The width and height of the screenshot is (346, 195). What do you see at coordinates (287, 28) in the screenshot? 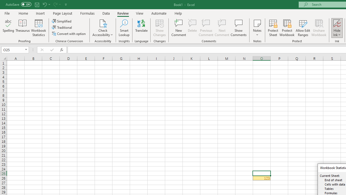
I see `'Protect Workbook...'` at bounding box center [287, 28].